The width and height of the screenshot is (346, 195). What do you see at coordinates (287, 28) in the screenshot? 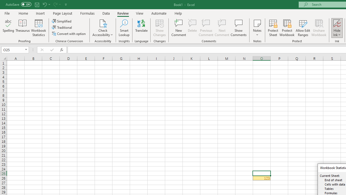
I see `'Protect Workbook...'` at bounding box center [287, 28].